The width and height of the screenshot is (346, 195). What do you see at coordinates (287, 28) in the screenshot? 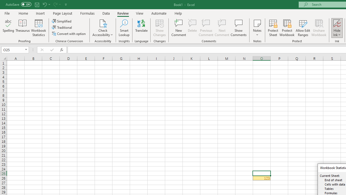
I see `'Protect Workbook...'` at bounding box center [287, 28].